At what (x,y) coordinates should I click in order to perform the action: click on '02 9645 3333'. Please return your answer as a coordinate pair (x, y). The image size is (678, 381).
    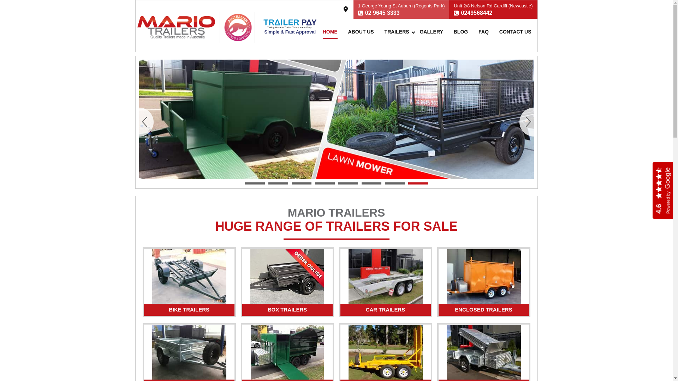
    Looking at the image, I should click on (382, 13).